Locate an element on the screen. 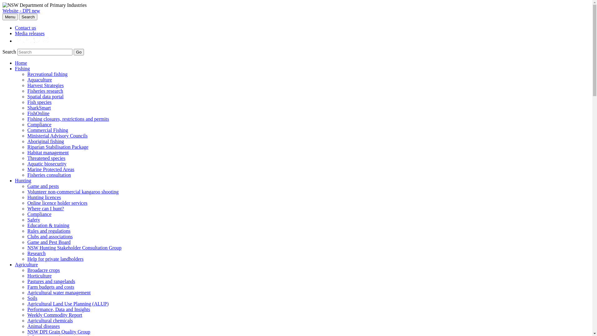  'NSW DPI Grain Quality Group' is located at coordinates (58, 331).